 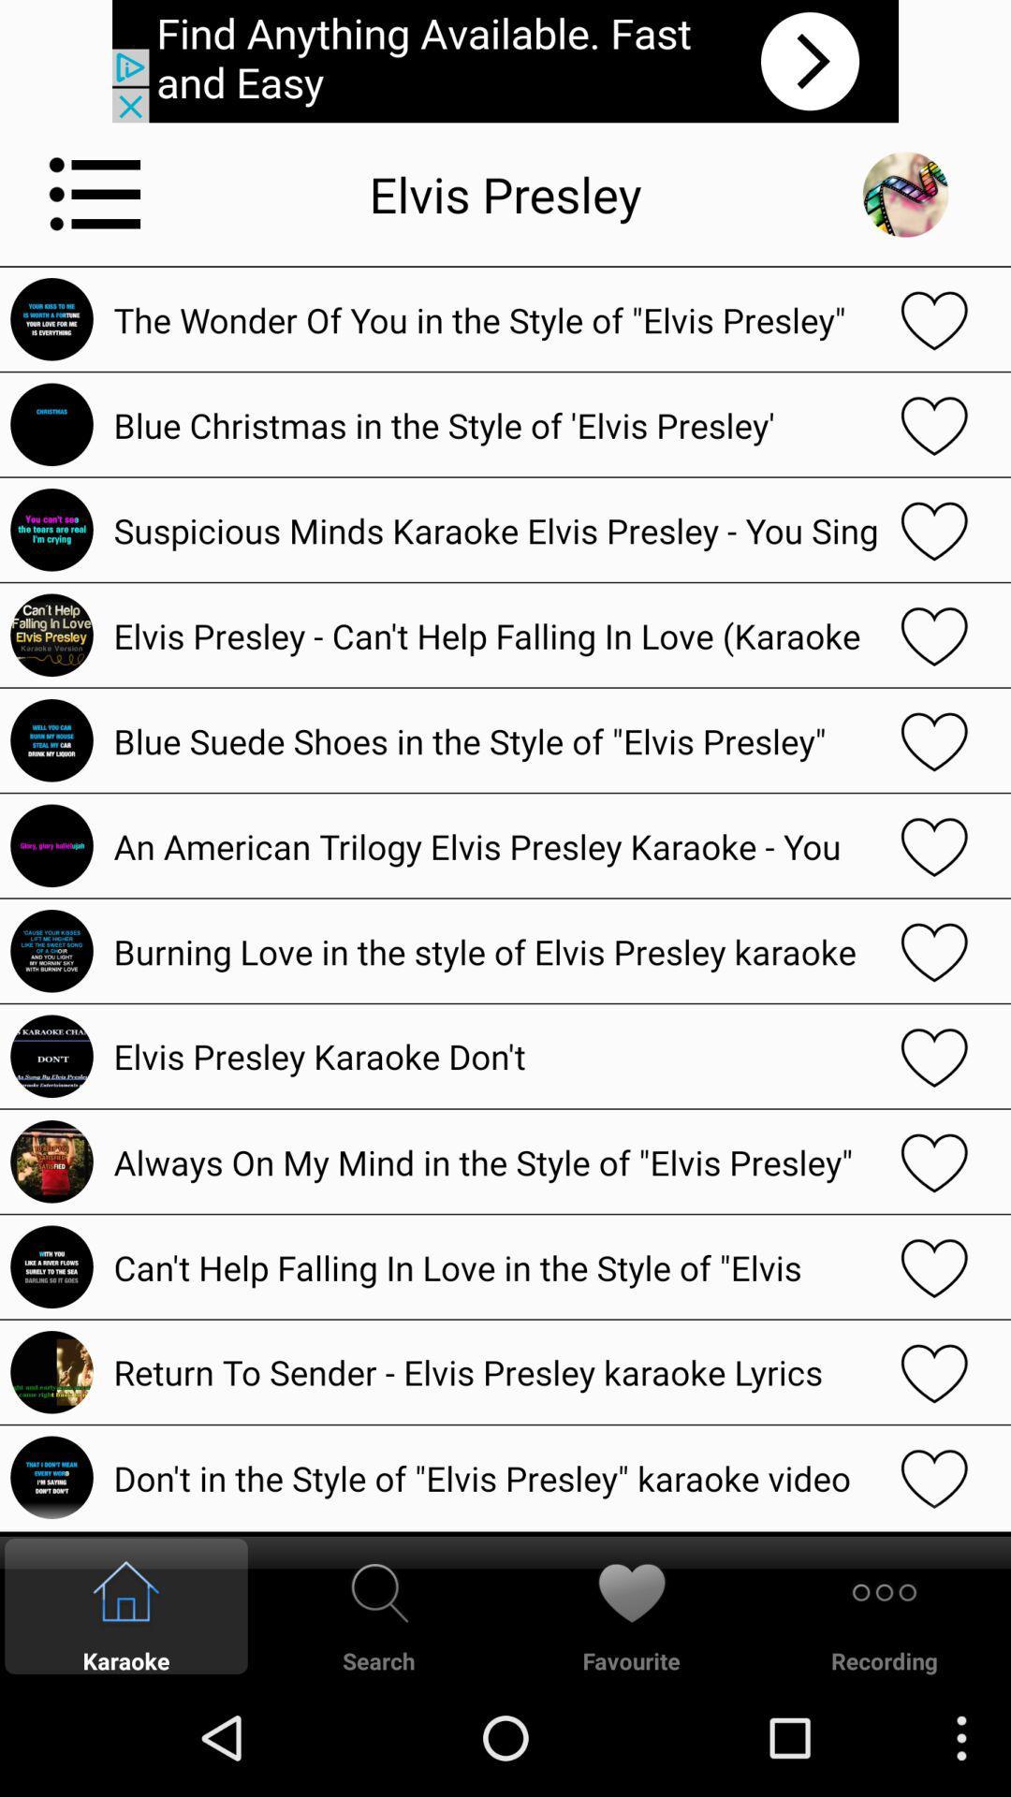 What do you see at coordinates (934, 1372) in the screenshot?
I see `song` at bounding box center [934, 1372].